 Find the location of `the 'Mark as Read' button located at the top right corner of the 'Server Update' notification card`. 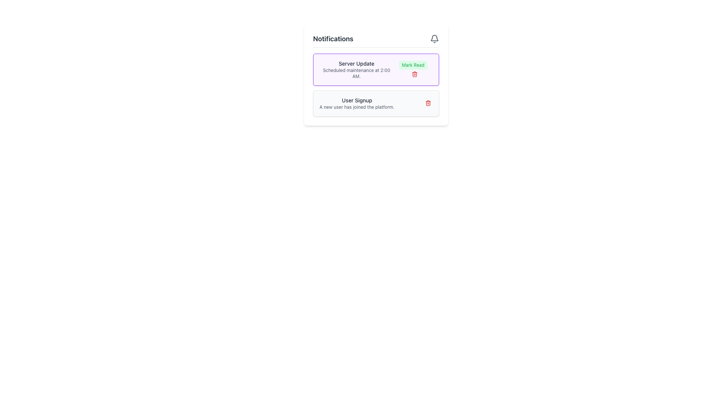

the 'Mark as Read' button located at the top right corner of the 'Server Update' notification card is located at coordinates (412, 64).